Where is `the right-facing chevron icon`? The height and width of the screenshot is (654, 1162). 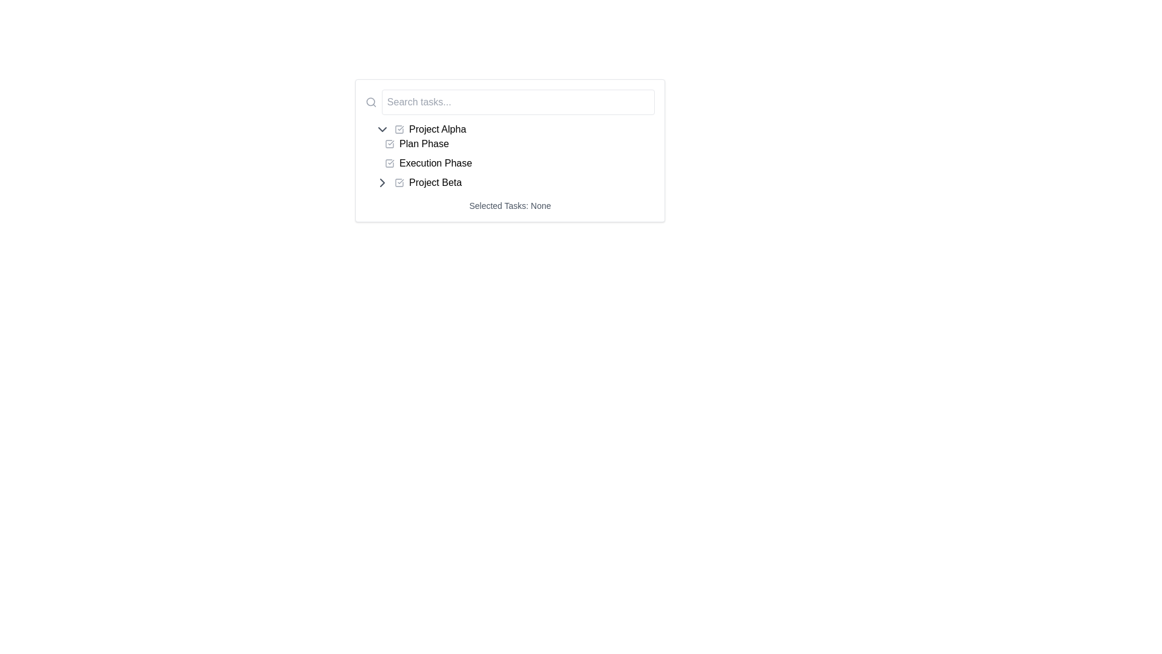 the right-facing chevron icon is located at coordinates (382, 182).